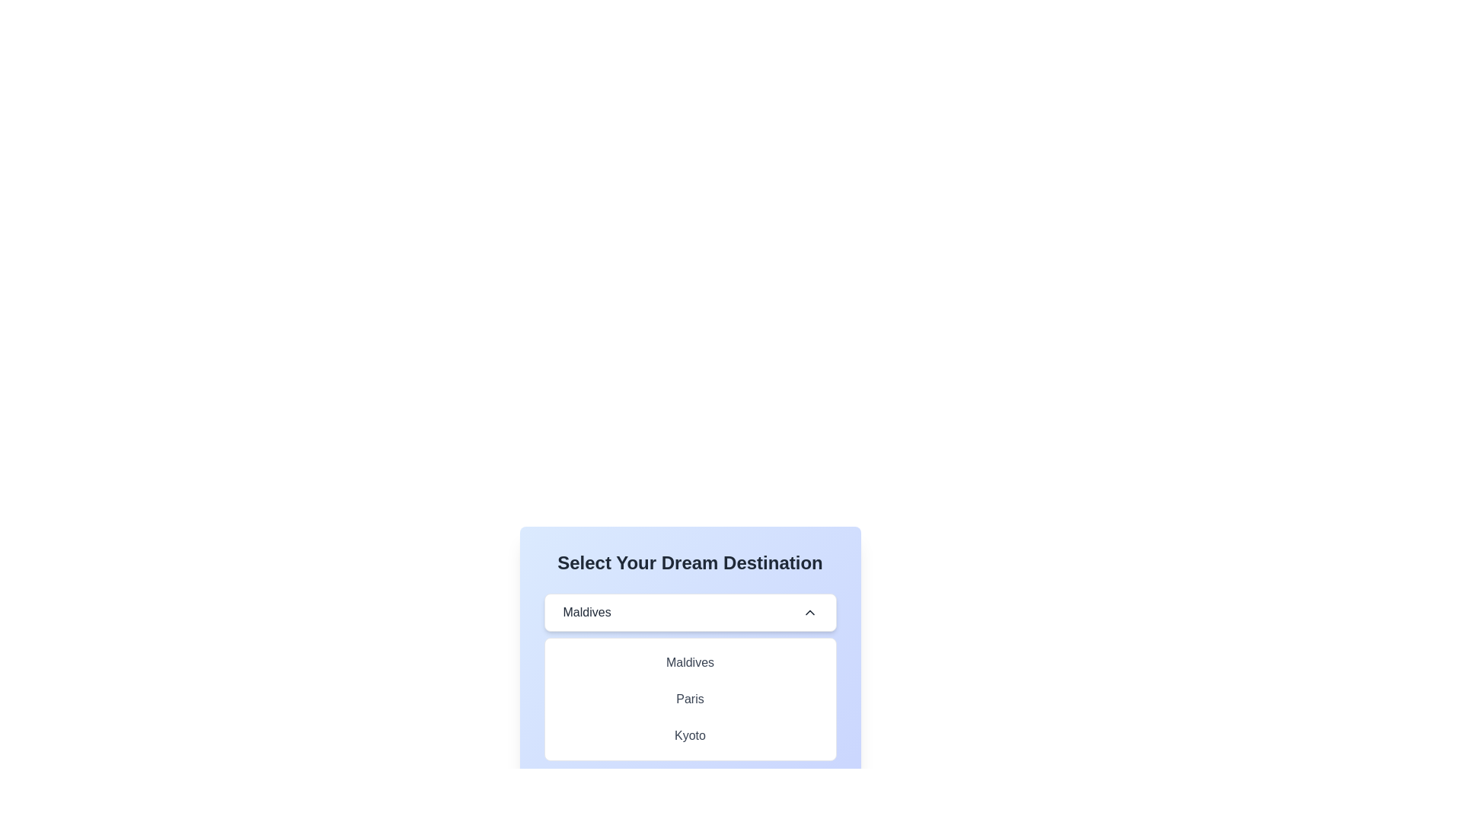 The width and height of the screenshot is (1462, 822). What do you see at coordinates (689, 735) in the screenshot?
I see `the dropdown option labeled 'Kyoto'` at bounding box center [689, 735].